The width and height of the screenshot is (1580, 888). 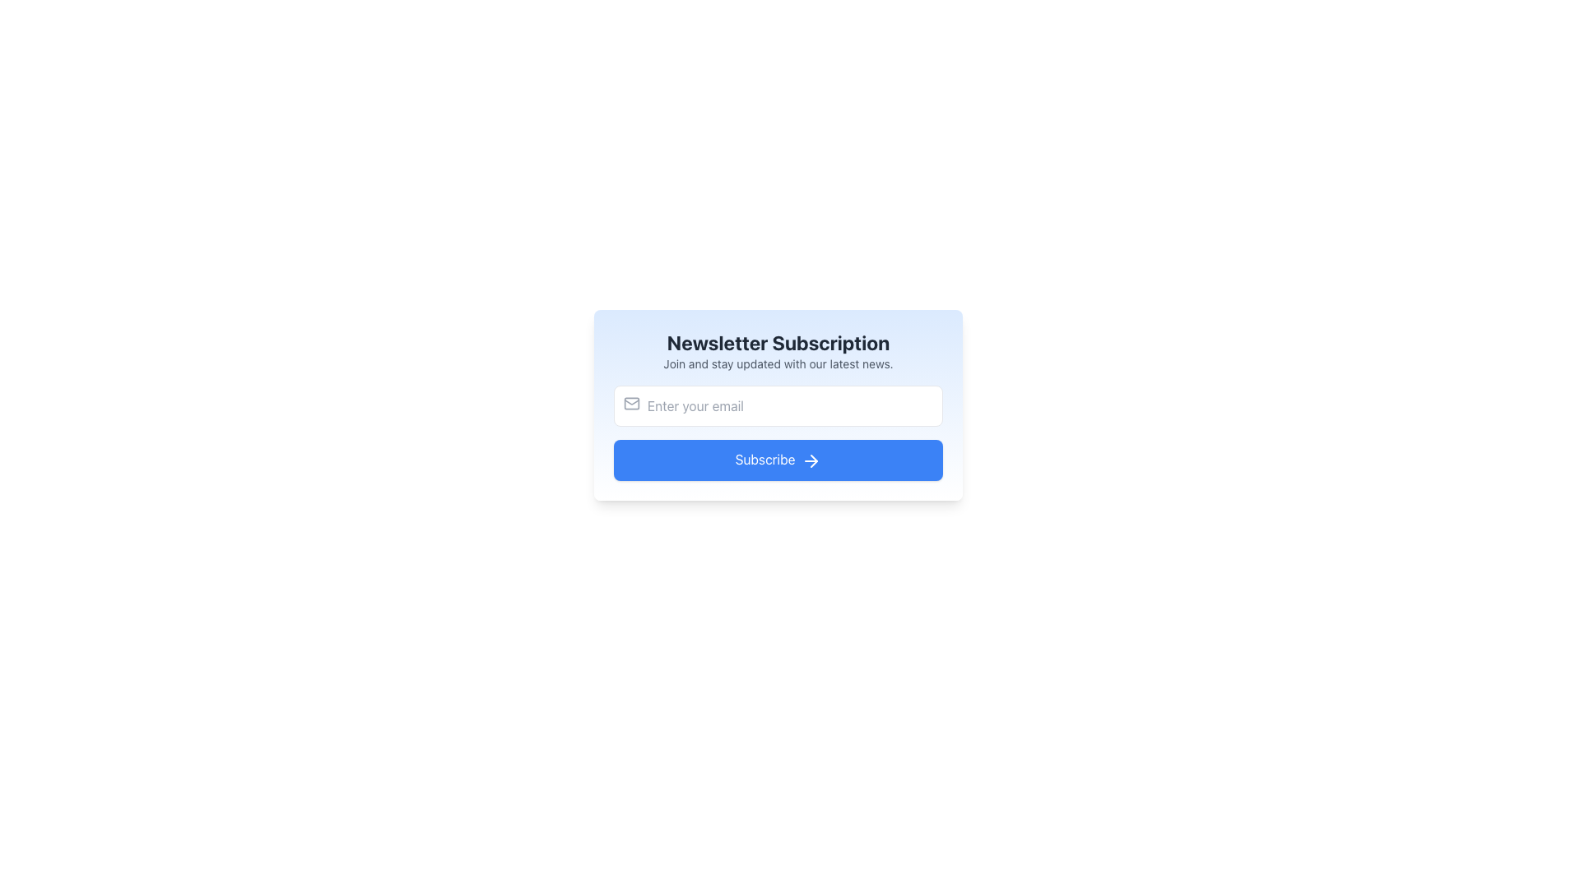 I want to click on the header text element that indicates the main purpose of the newsletter subscription section, located above the subscription prompt text, so click(x=777, y=341).